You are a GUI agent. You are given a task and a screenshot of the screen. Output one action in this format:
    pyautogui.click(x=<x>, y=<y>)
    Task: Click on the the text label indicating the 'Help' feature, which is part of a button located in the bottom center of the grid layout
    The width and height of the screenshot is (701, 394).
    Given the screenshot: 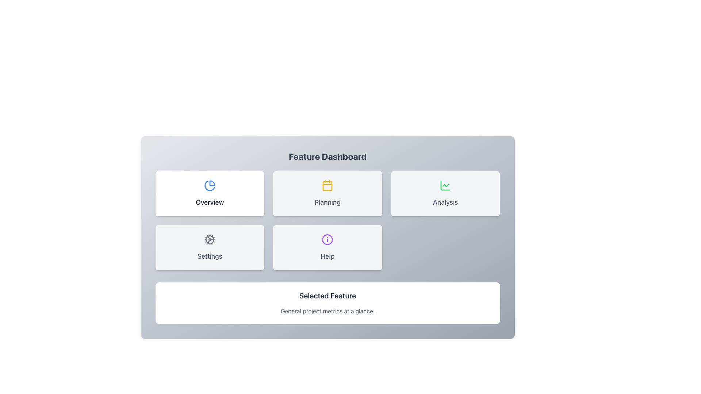 What is the action you would take?
    pyautogui.click(x=327, y=256)
    